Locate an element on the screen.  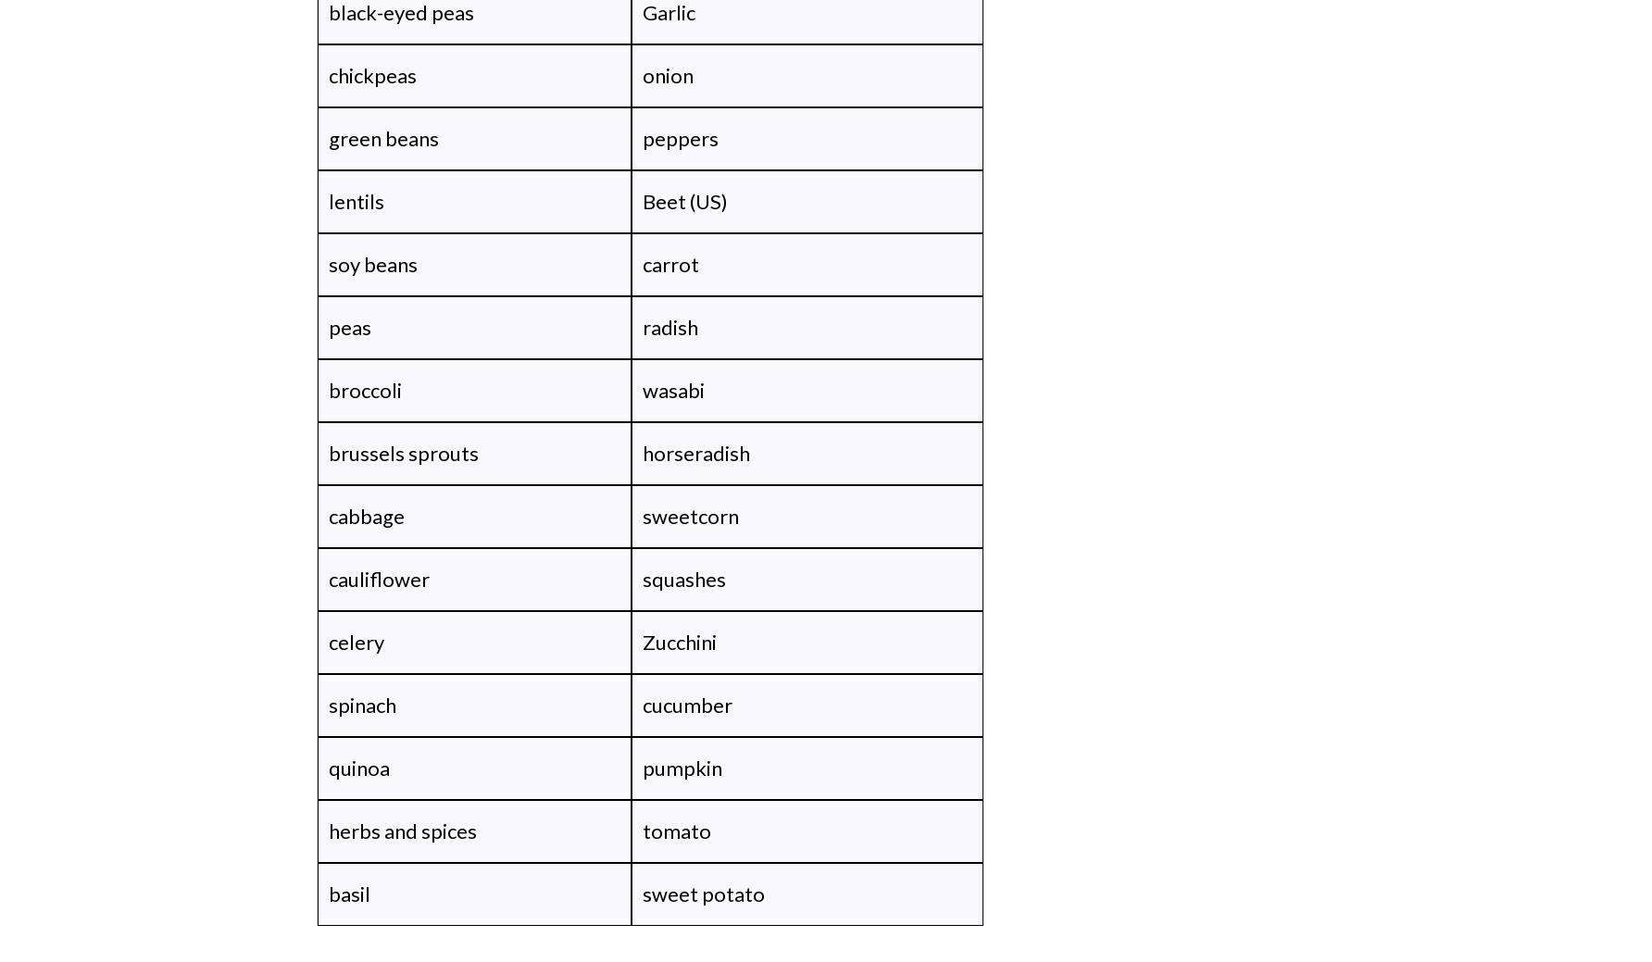
'broccoli' is located at coordinates (366, 389).